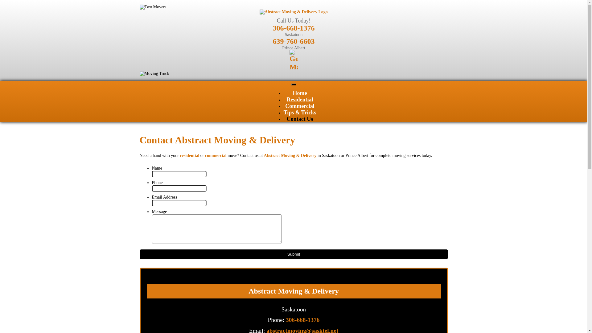  Describe the element at coordinates (216, 155) in the screenshot. I see `'commercial'` at that location.